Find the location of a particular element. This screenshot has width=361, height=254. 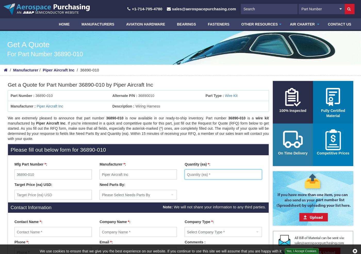

'On Time Delivery' is located at coordinates (292, 153).